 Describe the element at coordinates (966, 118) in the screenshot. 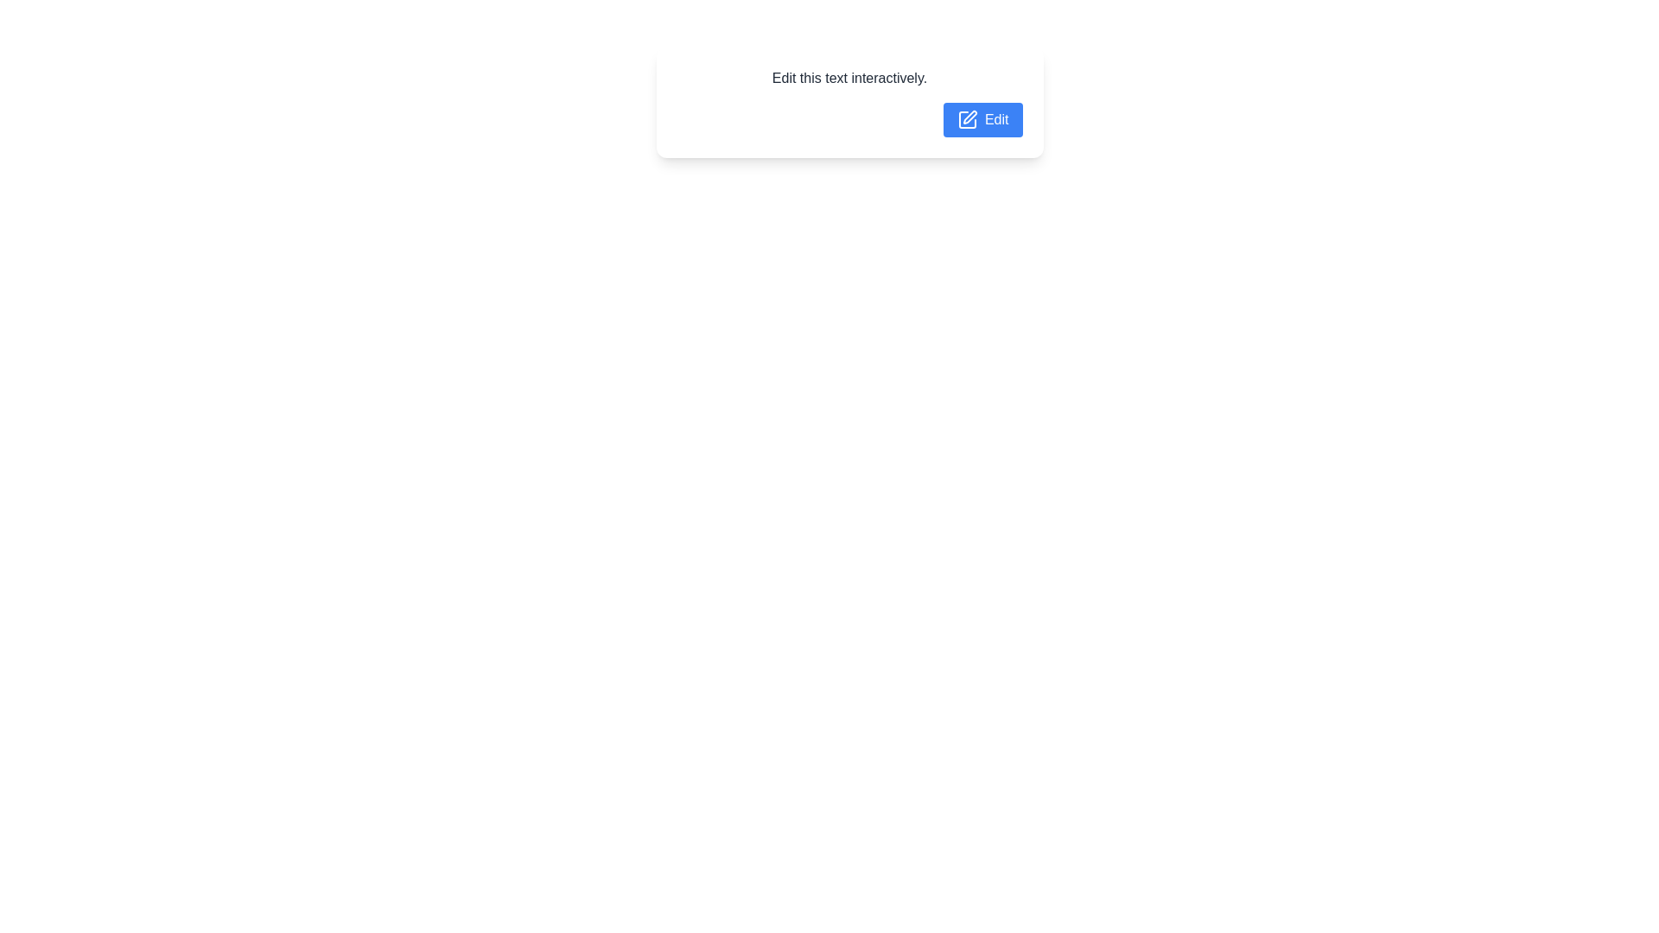

I see `the edit action icon located inside the blue button at the bottom-right corner of the card-like interface` at that location.